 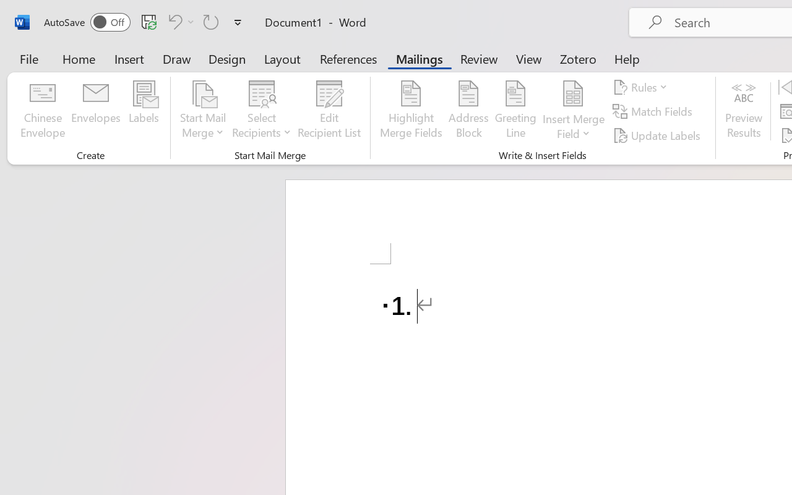 I want to click on 'Start Mail Merge', so click(x=203, y=111).